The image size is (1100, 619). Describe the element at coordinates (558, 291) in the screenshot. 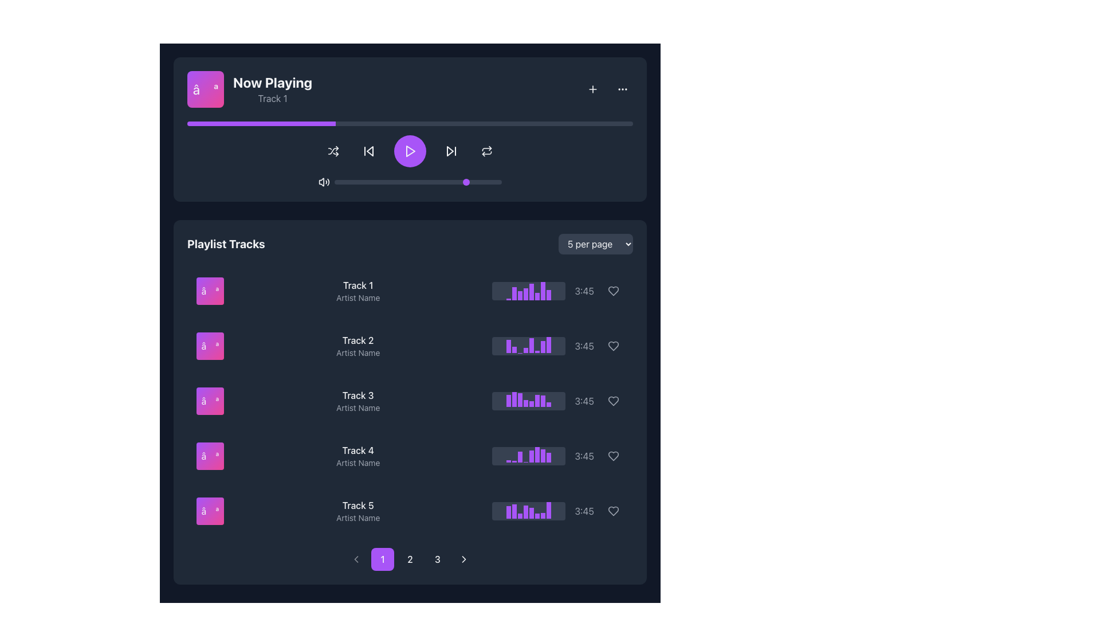

I see `the Decorative audio visualization chart that visually represents audio dynamics for the track, located between 'Track 1' and '3:45'` at that location.